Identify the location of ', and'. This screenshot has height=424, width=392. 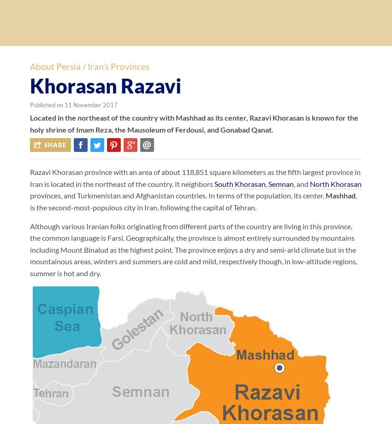
(293, 183).